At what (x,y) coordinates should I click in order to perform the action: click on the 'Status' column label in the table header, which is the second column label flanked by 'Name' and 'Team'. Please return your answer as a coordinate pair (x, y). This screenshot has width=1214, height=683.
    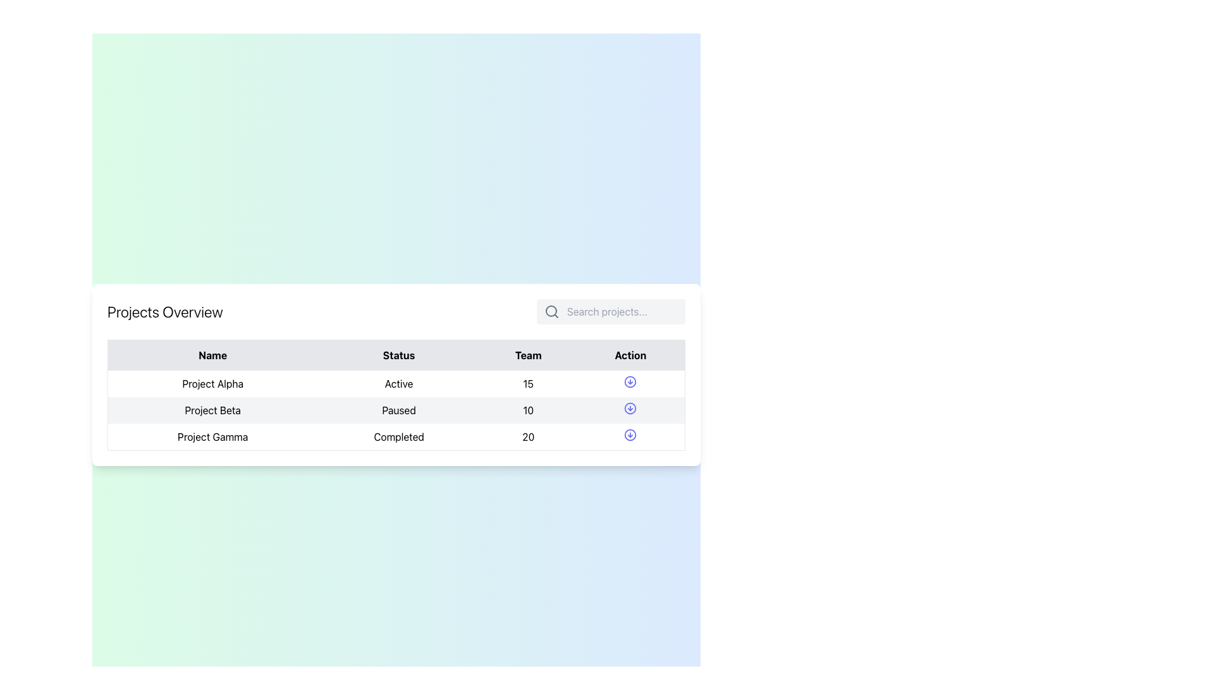
    Looking at the image, I should click on (398, 355).